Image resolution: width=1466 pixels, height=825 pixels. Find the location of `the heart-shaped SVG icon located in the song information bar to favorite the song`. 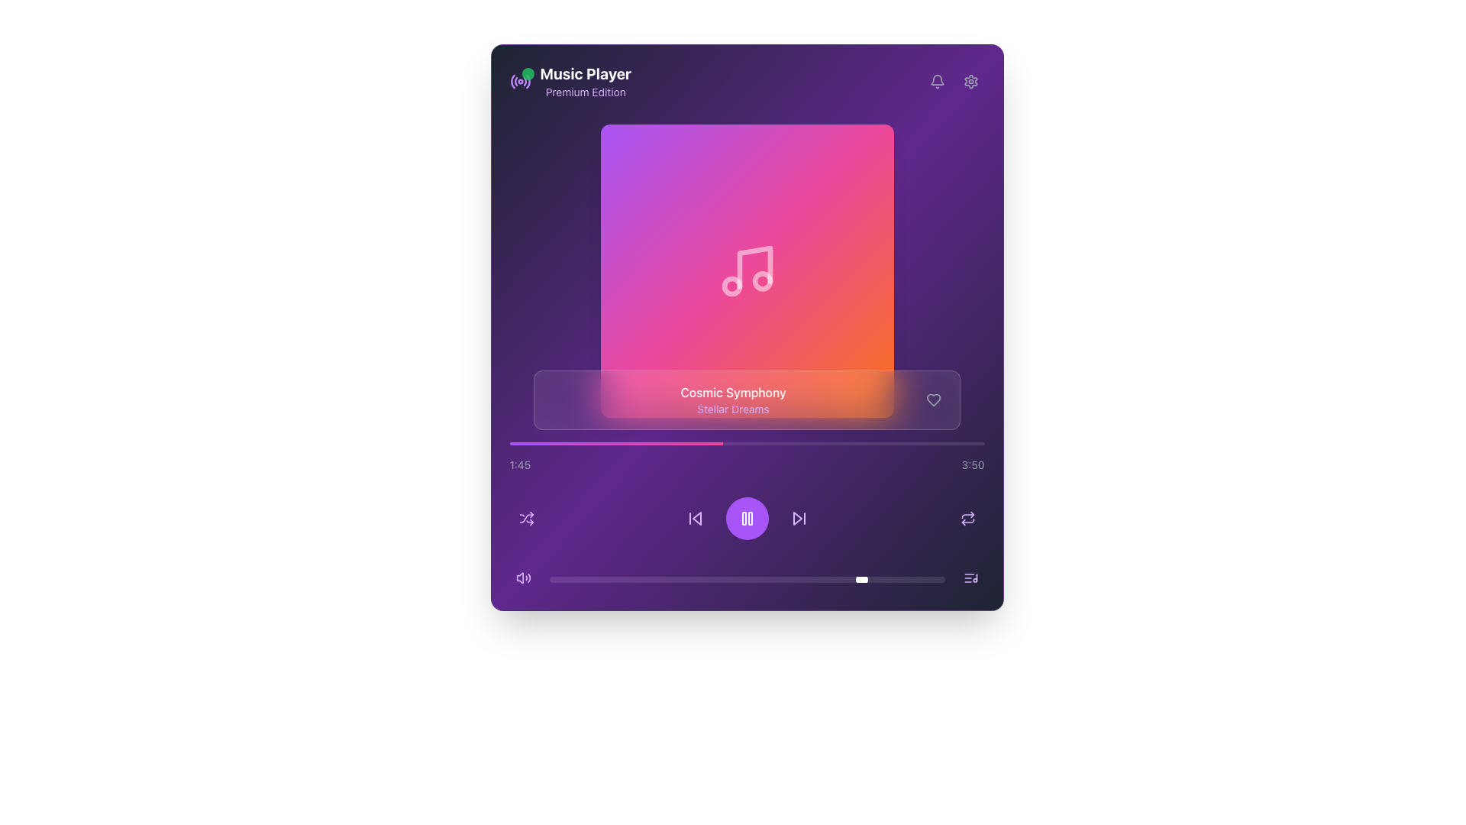

the heart-shaped SVG icon located in the song information bar to favorite the song is located at coordinates (933, 400).